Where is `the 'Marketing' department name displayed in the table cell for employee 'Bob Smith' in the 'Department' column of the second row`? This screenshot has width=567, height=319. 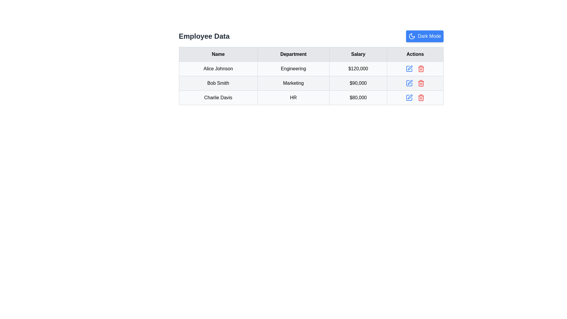 the 'Marketing' department name displayed in the table cell for employee 'Bob Smith' in the 'Department' column of the second row is located at coordinates (311, 83).